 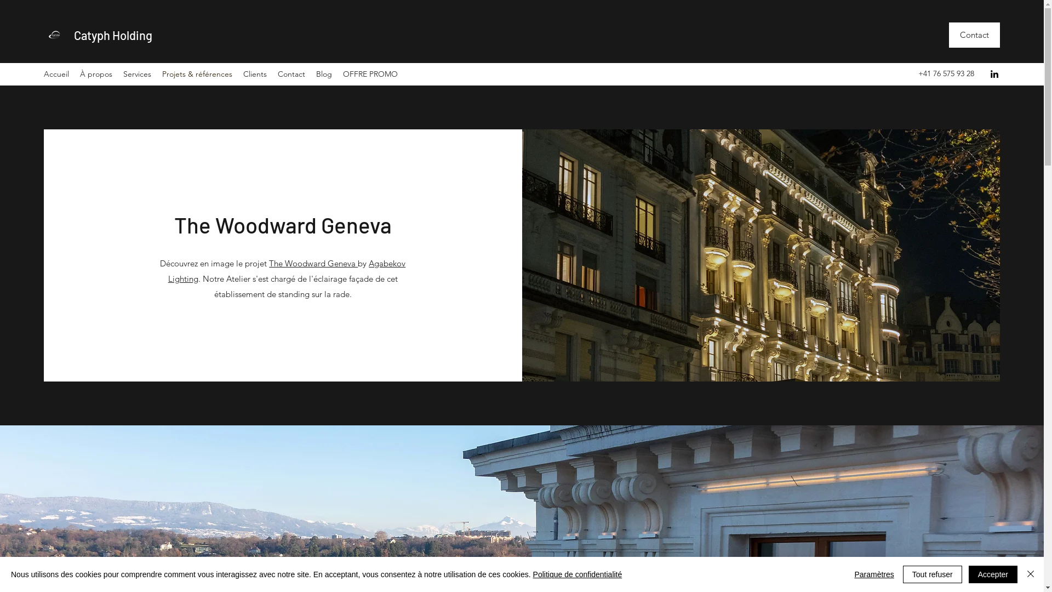 What do you see at coordinates (136, 74) in the screenshot?
I see `'Services'` at bounding box center [136, 74].